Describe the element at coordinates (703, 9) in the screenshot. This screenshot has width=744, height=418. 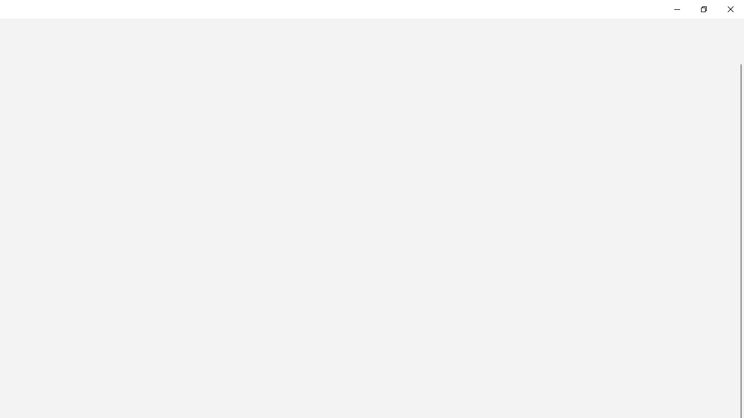
I see `'Restore Feedback Hub'` at that location.